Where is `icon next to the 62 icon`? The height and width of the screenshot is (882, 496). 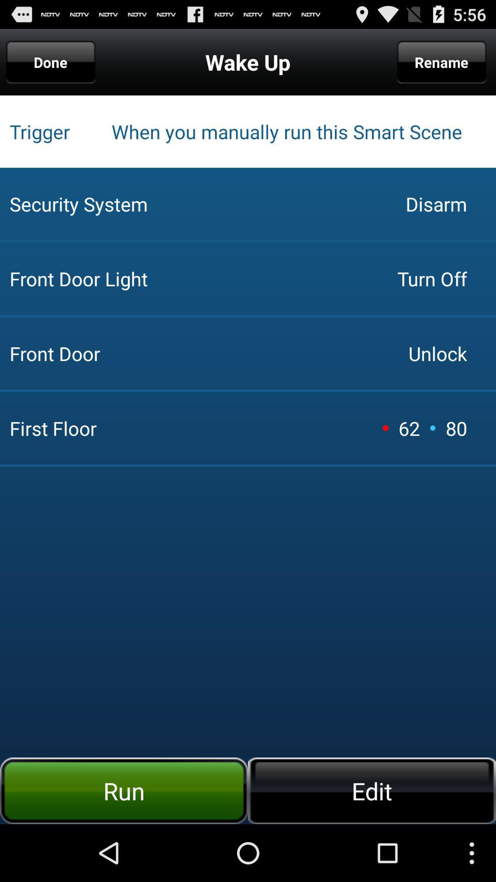 icon next to the 62 icon is located at coordinates (385, 427).